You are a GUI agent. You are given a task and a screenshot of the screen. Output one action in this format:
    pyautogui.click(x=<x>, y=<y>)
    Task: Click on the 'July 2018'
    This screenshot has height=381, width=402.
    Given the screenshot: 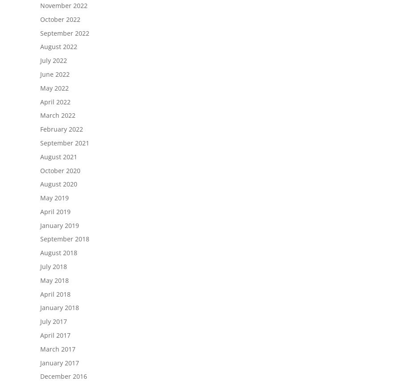 What is the action you would take?
    pyautogui.click(x=53, y=266)
    